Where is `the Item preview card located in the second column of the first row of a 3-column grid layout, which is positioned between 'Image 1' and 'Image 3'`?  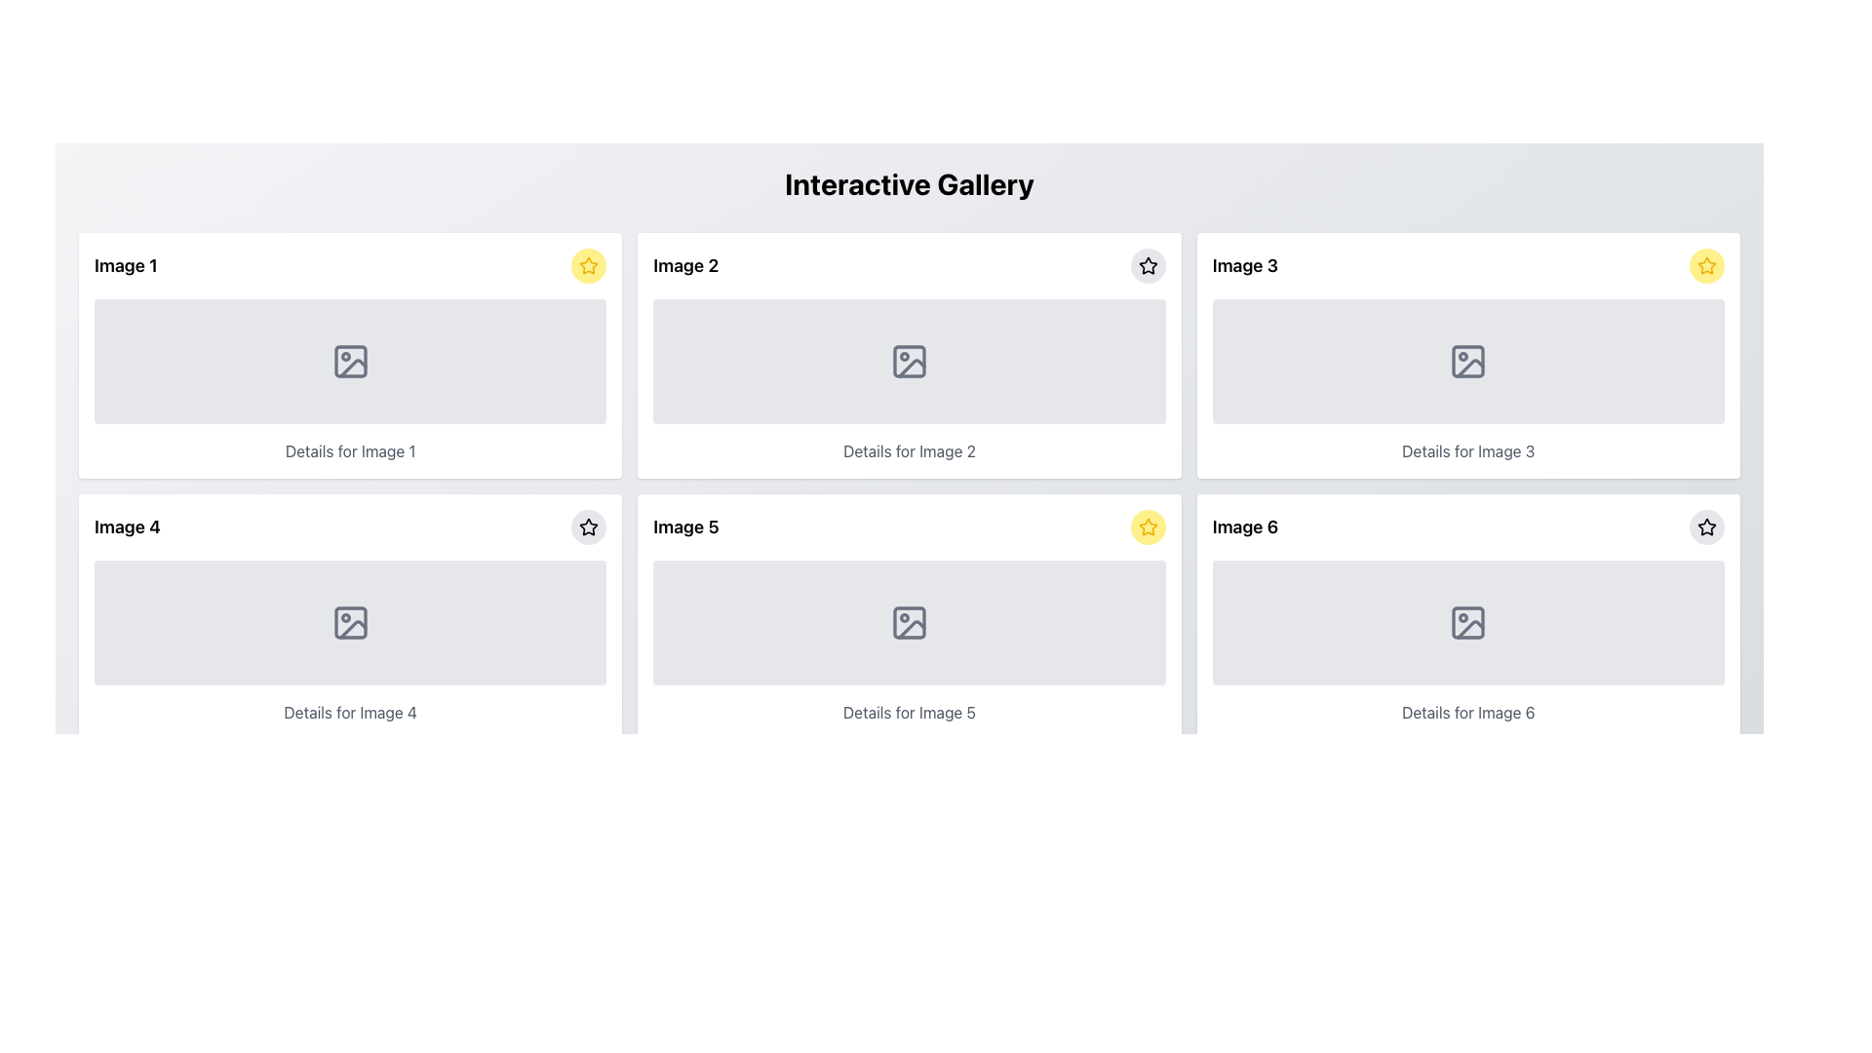 the Item preview card located in the second column of the first row of a 3-column grid layout, which is positioned between 'Image 1' and 'Image 3' is located at coordinates (908, 356).